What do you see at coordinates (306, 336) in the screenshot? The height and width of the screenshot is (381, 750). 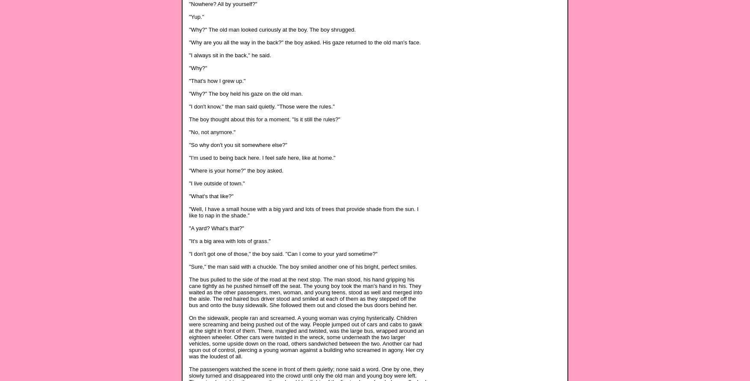 I see `'On the sidewalk, people ran and screamed. A young woman was crying hysterically. Children were screaming and being pushed out of the way. People jumped out of cars and cabs to gawk at the sight in front of them. There, mangled and twisted, was the large bus, wrapped around an eighteen wheeler. Other cars were twisted in the wreck, some underneath the two larger vehicles, some upside down on the road, others sandwiched between the two. Another car had spun out of control, piercing a young woman against a building who screamed in agony. Her cry was the loudest of all.'` at bounding box center [306, 336].